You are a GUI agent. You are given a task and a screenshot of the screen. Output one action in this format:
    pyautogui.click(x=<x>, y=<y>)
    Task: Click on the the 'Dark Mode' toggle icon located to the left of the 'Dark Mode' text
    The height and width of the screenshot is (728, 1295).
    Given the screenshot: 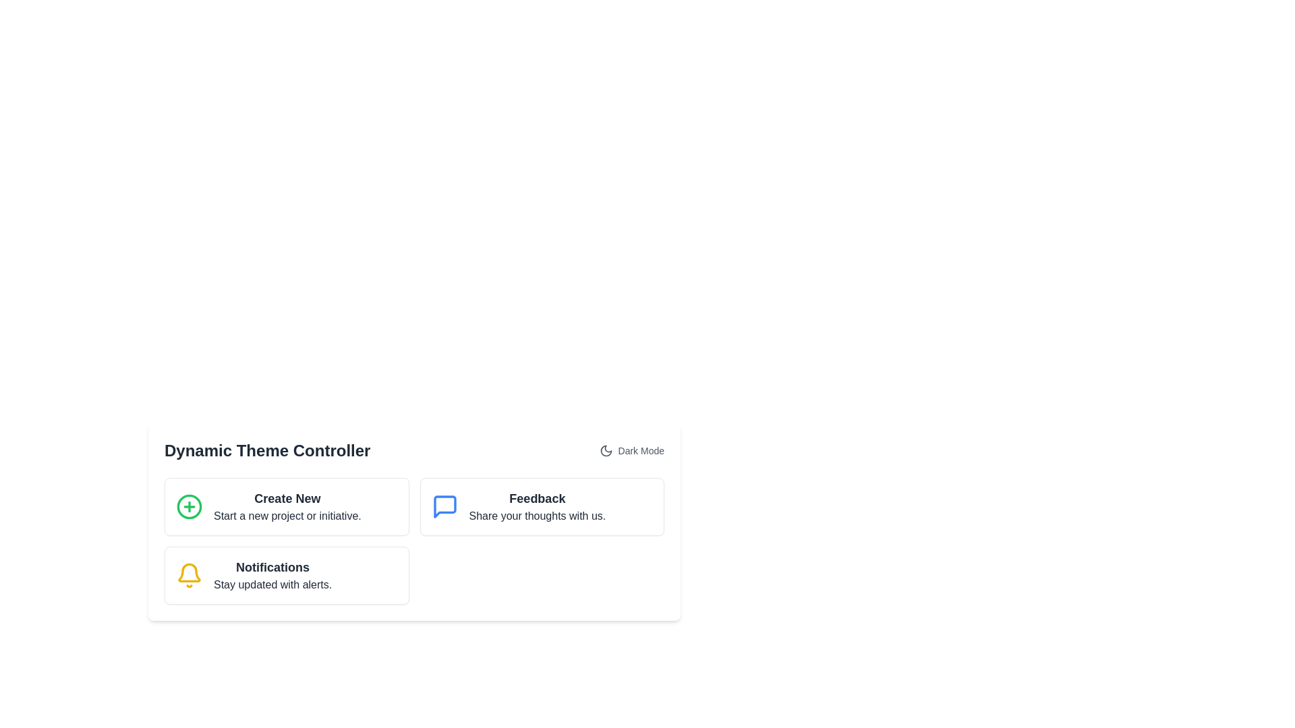 What is the action you would take?
    pyautogui.click(x=605, y=450)
    